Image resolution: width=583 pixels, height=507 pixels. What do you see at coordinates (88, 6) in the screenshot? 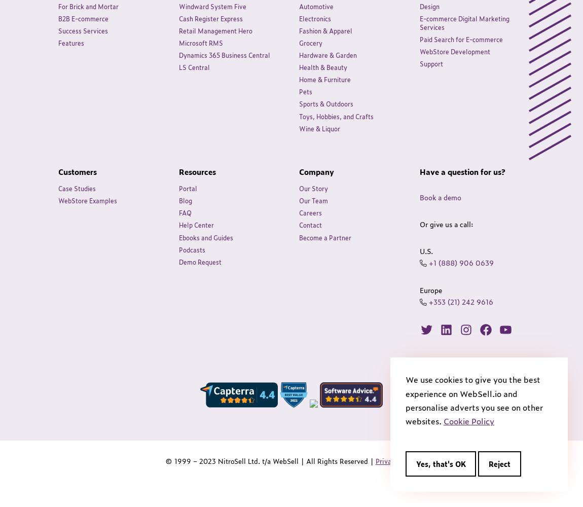
I see `'For Brick and Mortar'` at bounding box center [88, 6].